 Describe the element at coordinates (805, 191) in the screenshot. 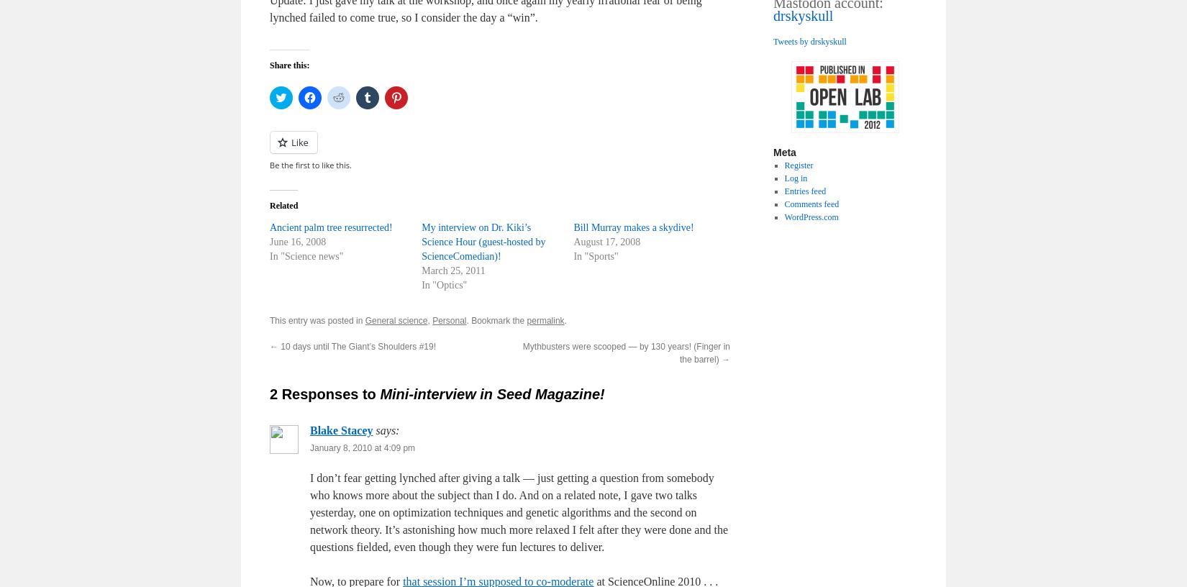

I see `'Entries feed'` at that location.